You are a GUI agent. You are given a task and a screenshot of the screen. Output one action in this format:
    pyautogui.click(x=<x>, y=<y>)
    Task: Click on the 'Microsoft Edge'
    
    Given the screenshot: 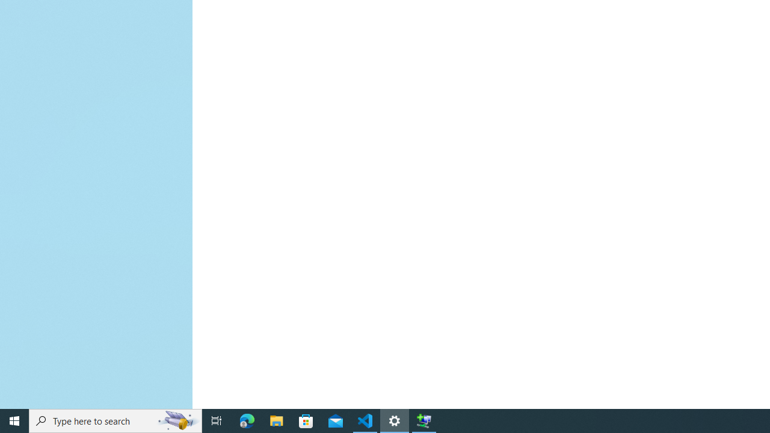 What is the action you would take?
    pyautogui.click(x=247, y=420)
    